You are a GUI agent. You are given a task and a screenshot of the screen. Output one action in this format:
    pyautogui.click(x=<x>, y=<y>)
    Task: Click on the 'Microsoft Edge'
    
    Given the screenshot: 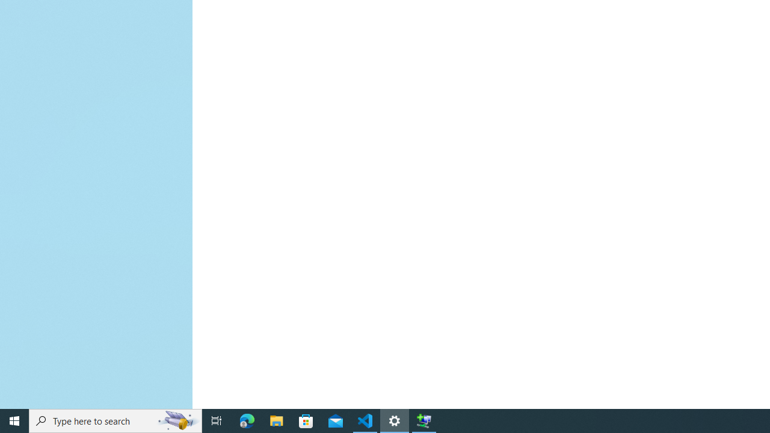 What is the action you would take?
    pyautogui.click(x=247, y=420)
    